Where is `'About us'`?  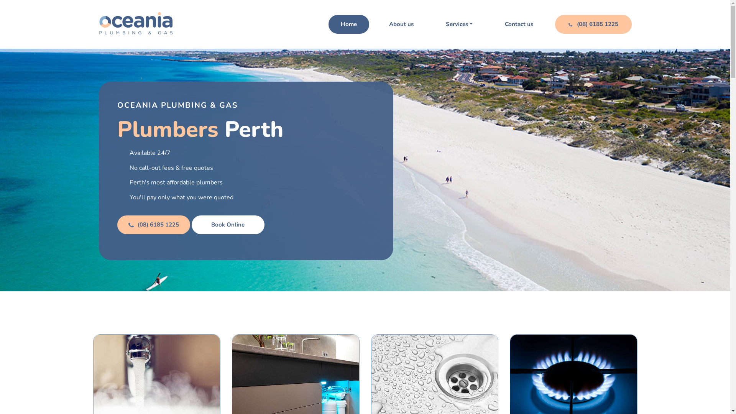
'About us' is located at coordinates (377, 24).